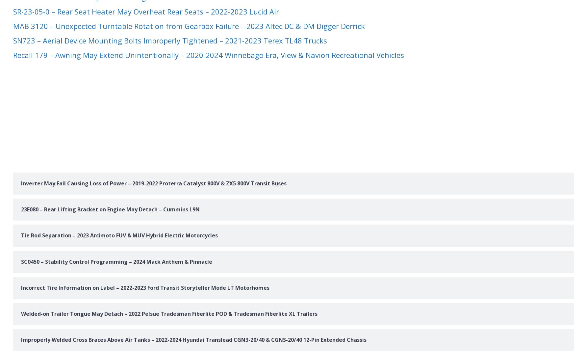 This screenshot has width=587, height=351. I want to click on 'SC0450 – Stability Control Programming – 2024 Mack Anthem & Pinnacle', so click(116, 261).